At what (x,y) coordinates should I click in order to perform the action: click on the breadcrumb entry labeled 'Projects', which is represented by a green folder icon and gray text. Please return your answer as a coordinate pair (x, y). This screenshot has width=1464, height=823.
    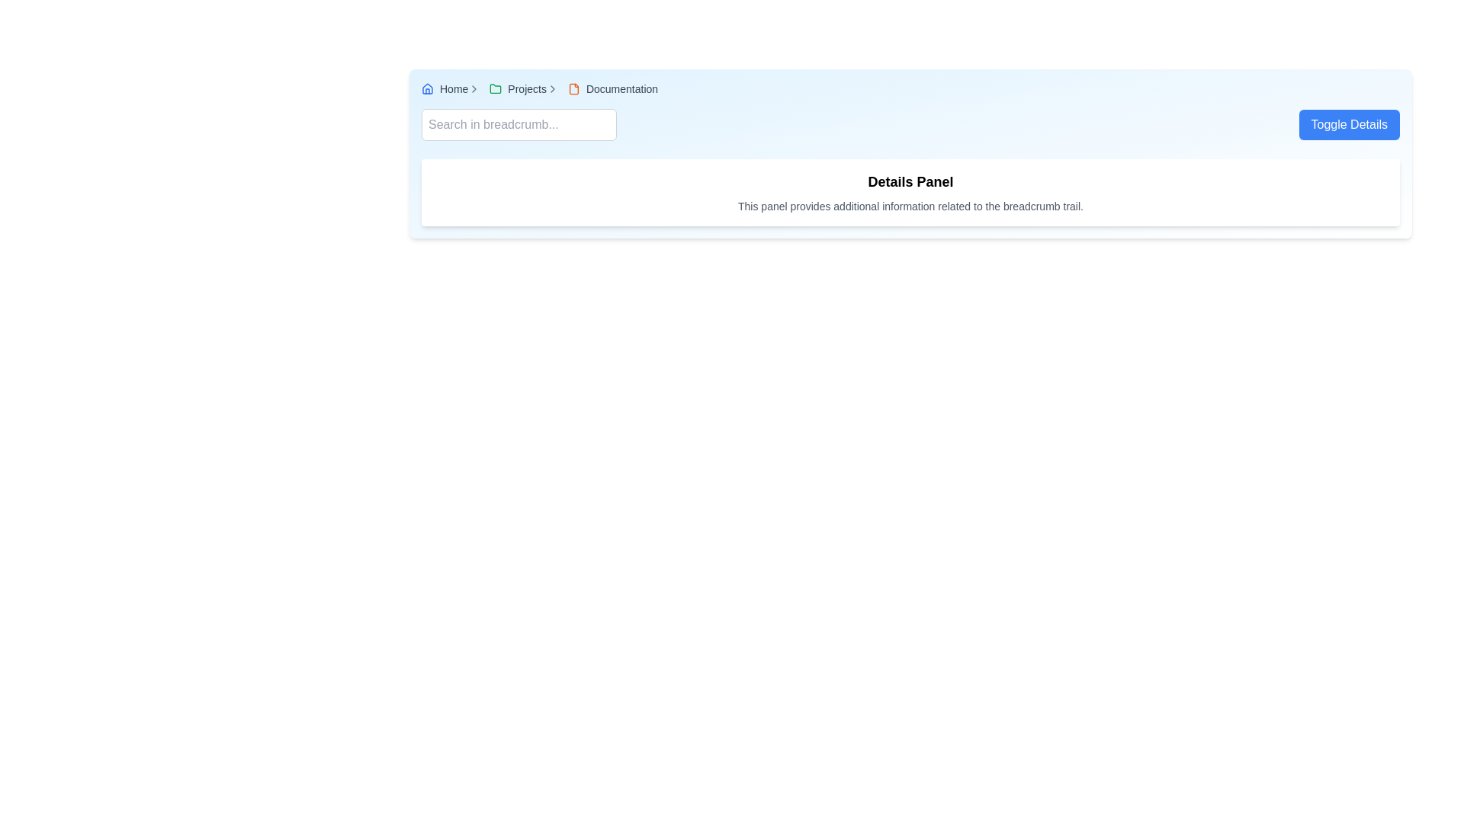
    Looking at the image, I should click on (524, 88).